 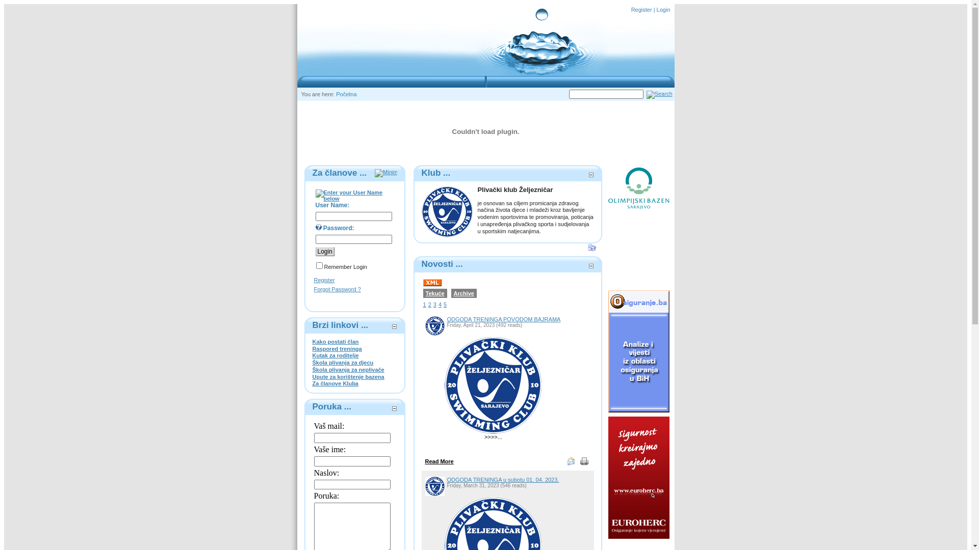 What do you see at coordinates (354, 196) in the screenshot?
I see `'Enter your User Name below'` at bounding box center [354, 196].